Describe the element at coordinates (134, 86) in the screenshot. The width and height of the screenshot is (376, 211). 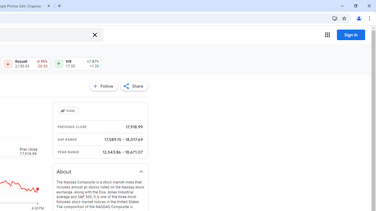
I see `'Share'` at that location.